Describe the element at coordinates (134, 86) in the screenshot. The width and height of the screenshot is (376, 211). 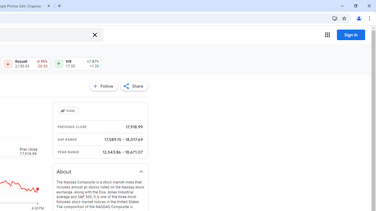
I see `'Share'` at that location.